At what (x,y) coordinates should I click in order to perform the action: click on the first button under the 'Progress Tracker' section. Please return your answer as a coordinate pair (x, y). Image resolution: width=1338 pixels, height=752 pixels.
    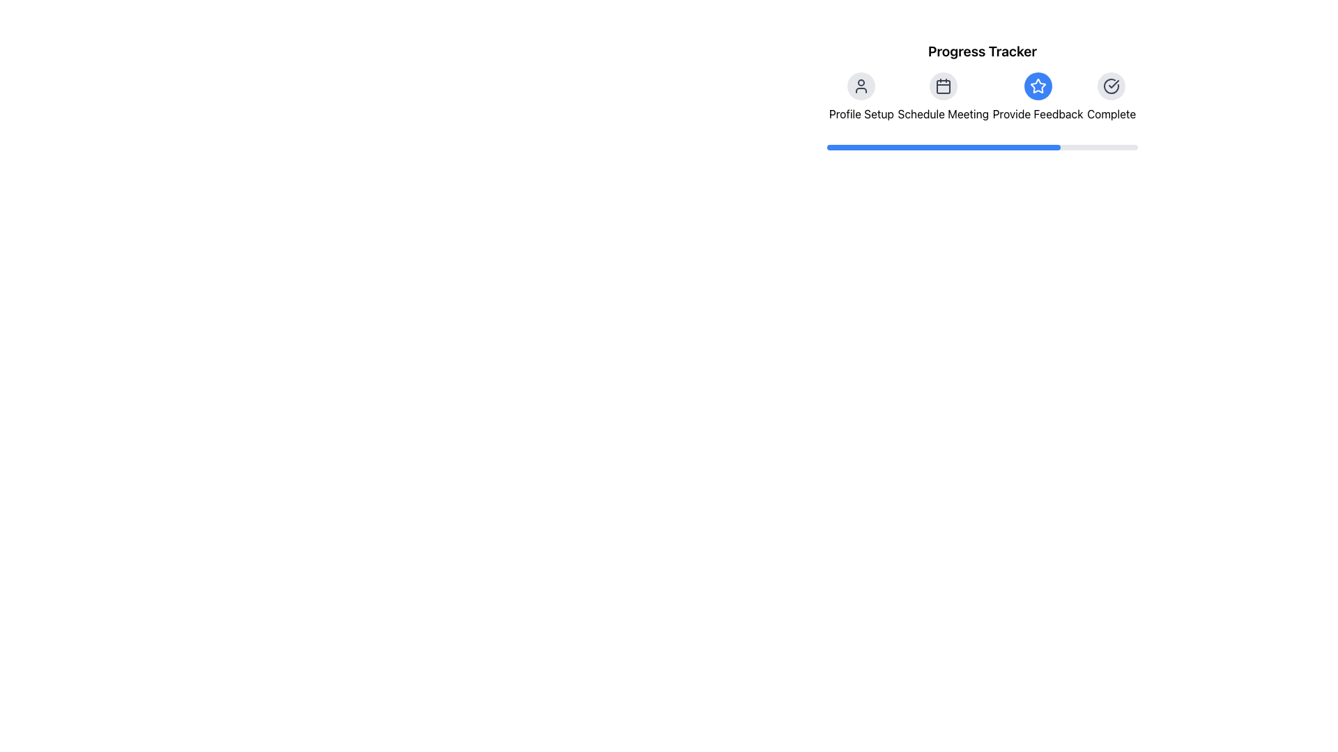
    Looking at the image, I should click on (861, 86).